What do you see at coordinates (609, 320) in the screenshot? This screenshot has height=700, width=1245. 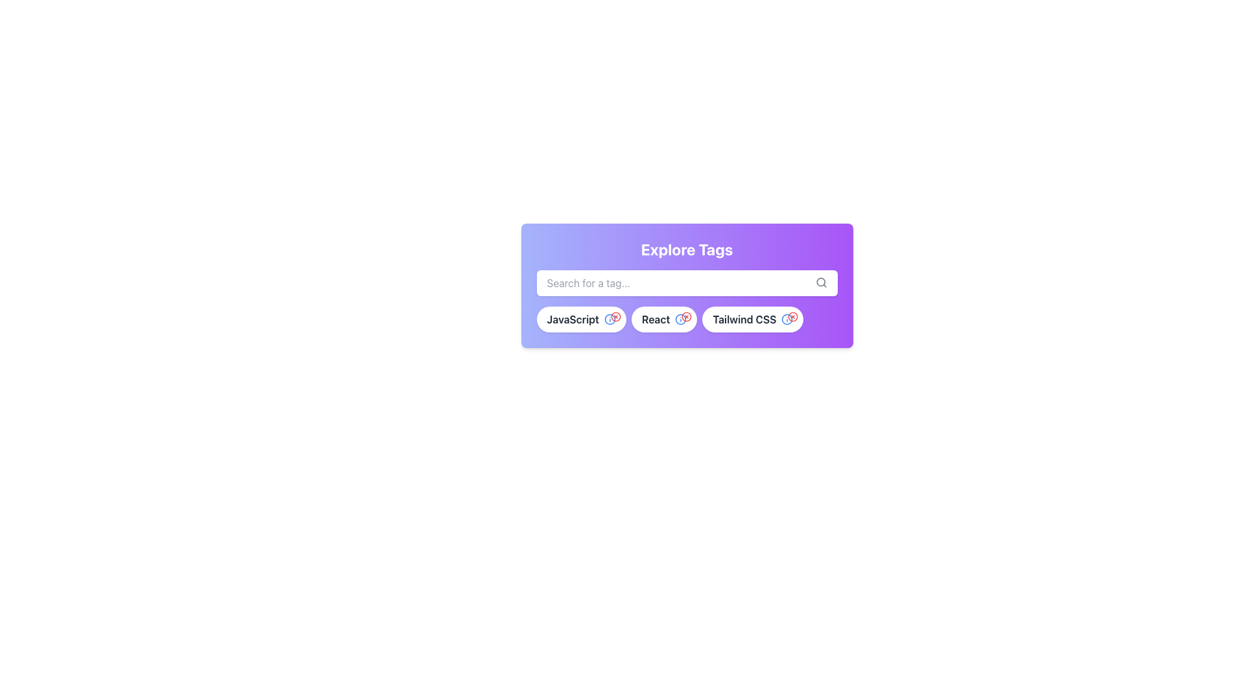 I see `the blue circular icon with an 'i' inside, located to the right of the 'JavaScript' tag` at bounding box center [609, 320].